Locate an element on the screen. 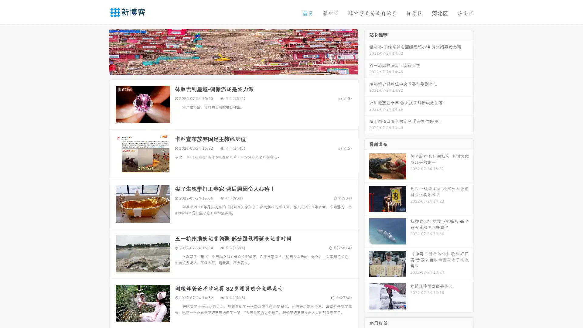 This screenshot has width=583, height=328. Go to slide 2 is located at coordinates (233, 68).